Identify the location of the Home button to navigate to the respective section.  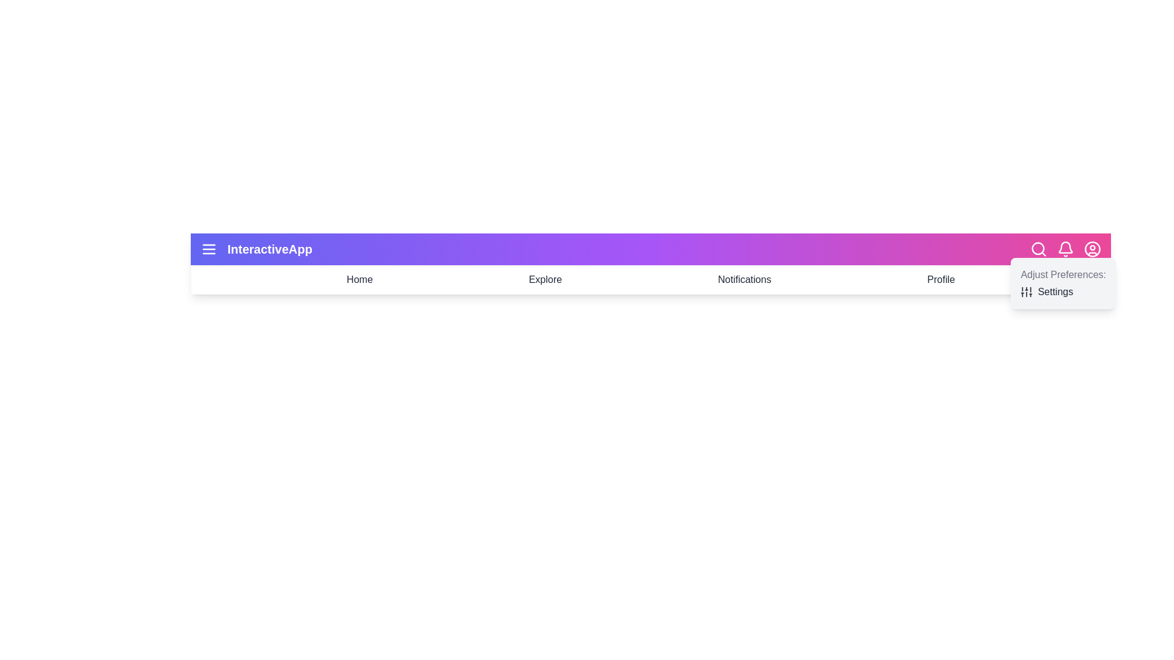
(359, 280).